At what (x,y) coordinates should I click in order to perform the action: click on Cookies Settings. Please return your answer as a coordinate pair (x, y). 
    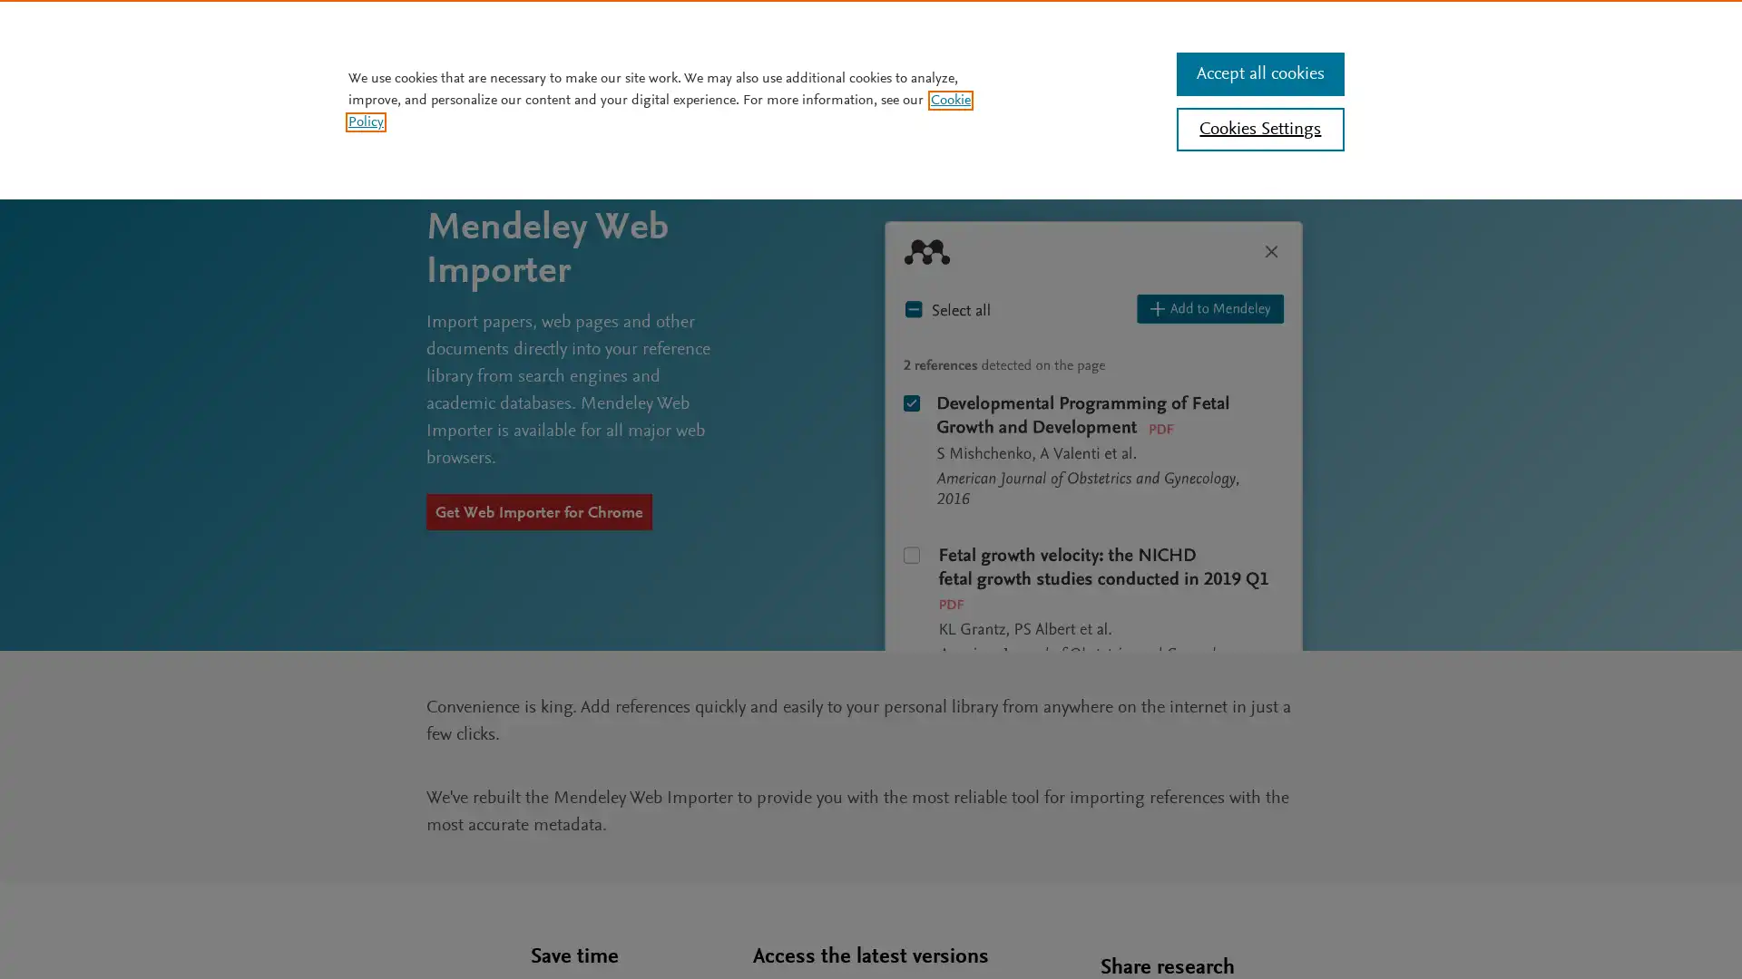
    Looking at the image, I should click on (1258, 128).